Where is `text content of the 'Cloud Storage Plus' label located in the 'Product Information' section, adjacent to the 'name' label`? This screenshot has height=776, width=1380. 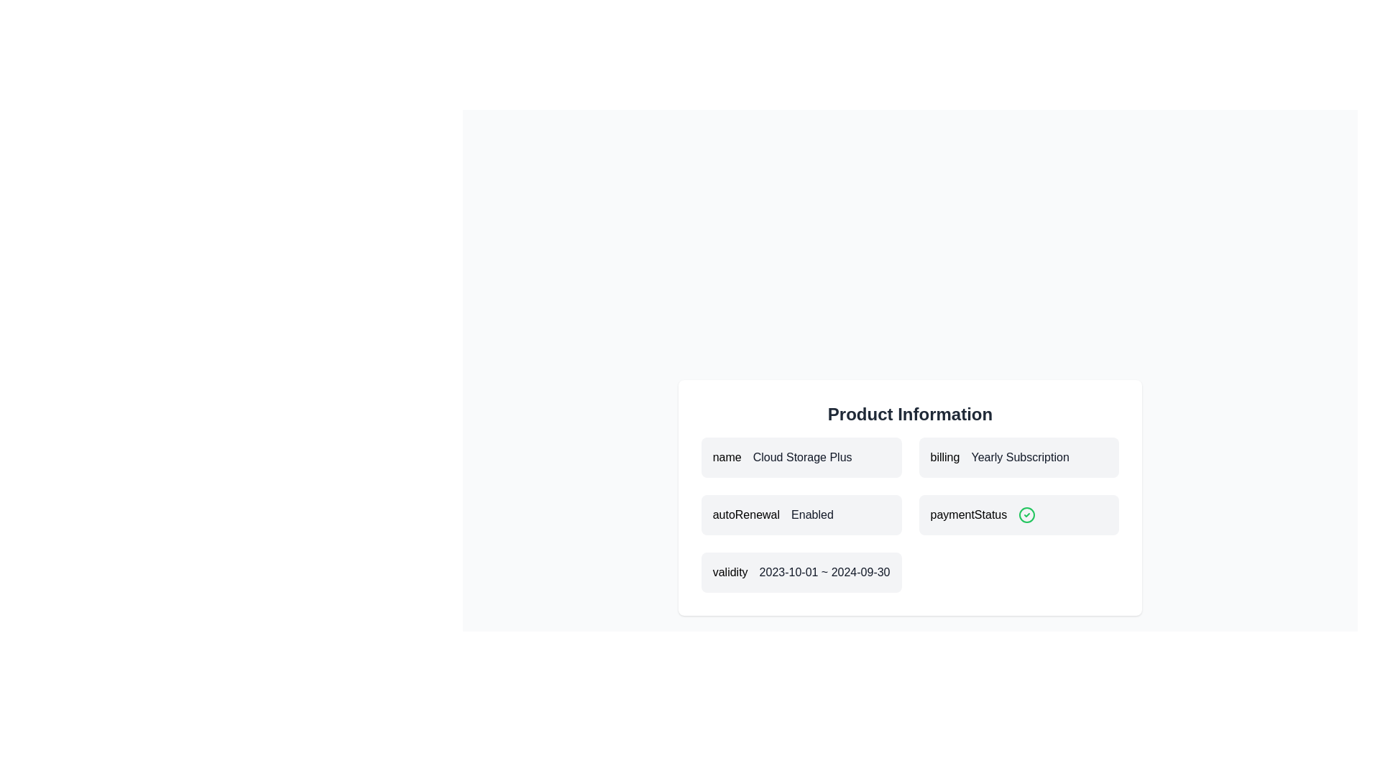
text content of the 'Cloud Storage Plus' label located in the 'Product Information' section, adjacent to the 'name' label is located at coordinates (801, 457).